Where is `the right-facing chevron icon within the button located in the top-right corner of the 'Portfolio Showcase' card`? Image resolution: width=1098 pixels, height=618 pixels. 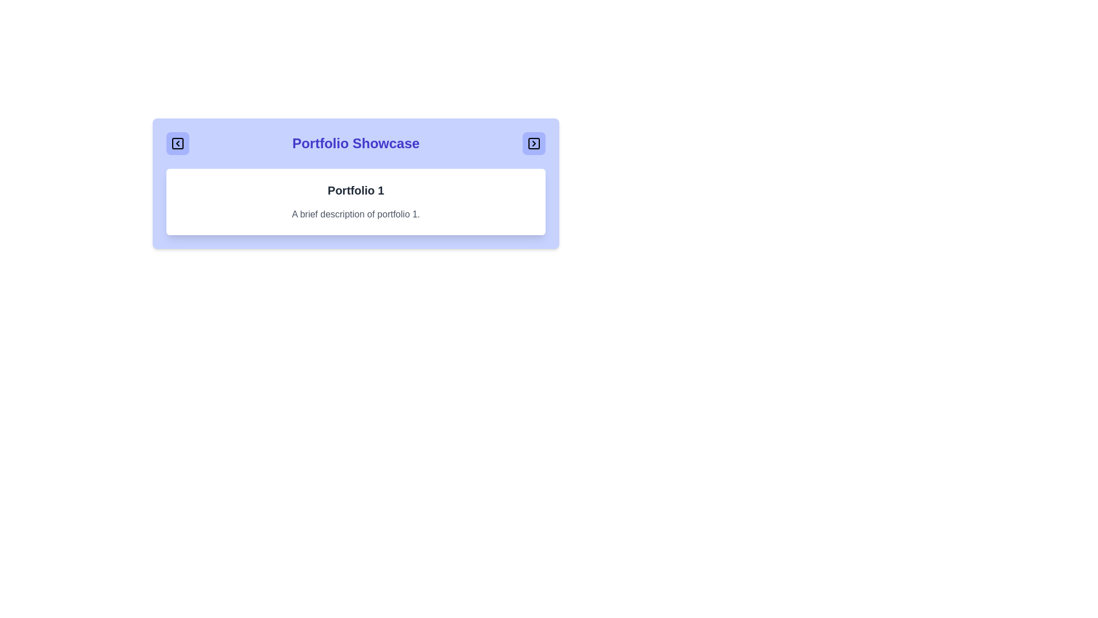
the right-facing chevron icon within the button located in the top-right corner of the 'Portfolio Showcase' card is located at coordinates (533, 142).